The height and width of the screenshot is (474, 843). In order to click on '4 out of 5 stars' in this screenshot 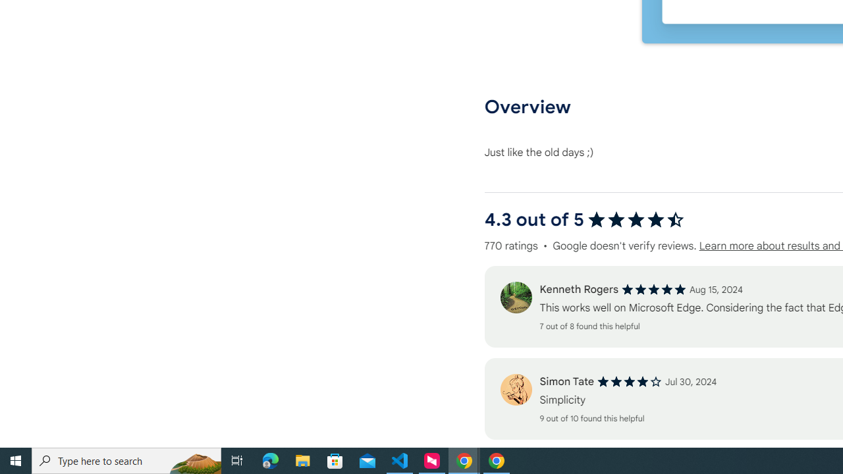, I will do `click(629, 382)`.